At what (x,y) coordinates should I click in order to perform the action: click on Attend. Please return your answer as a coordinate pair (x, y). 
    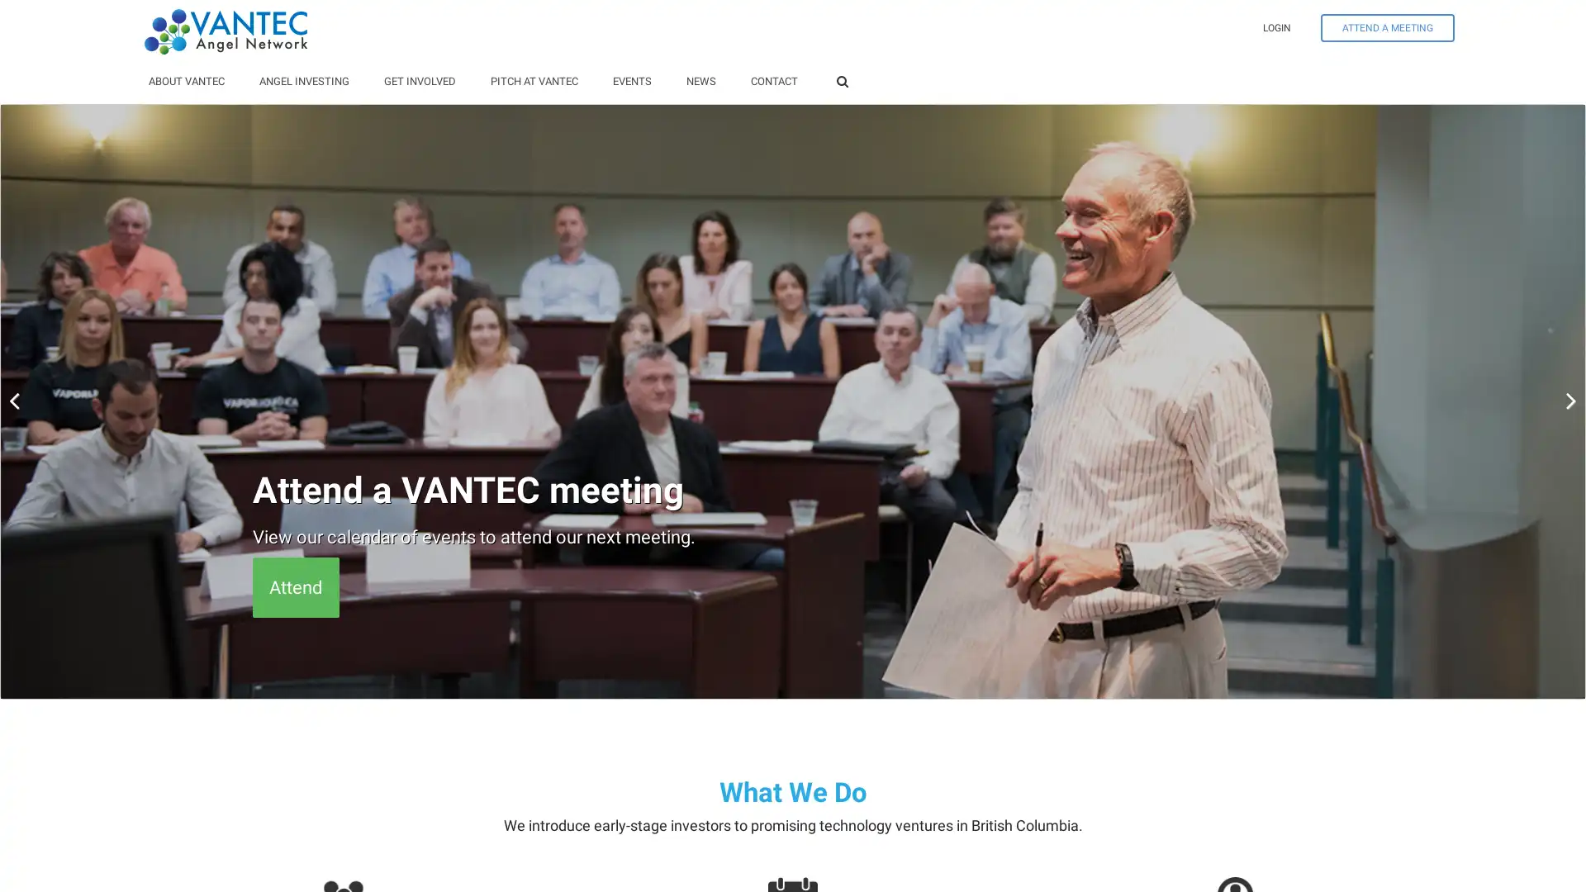
    Looking at the image, I should click on (296, 586).